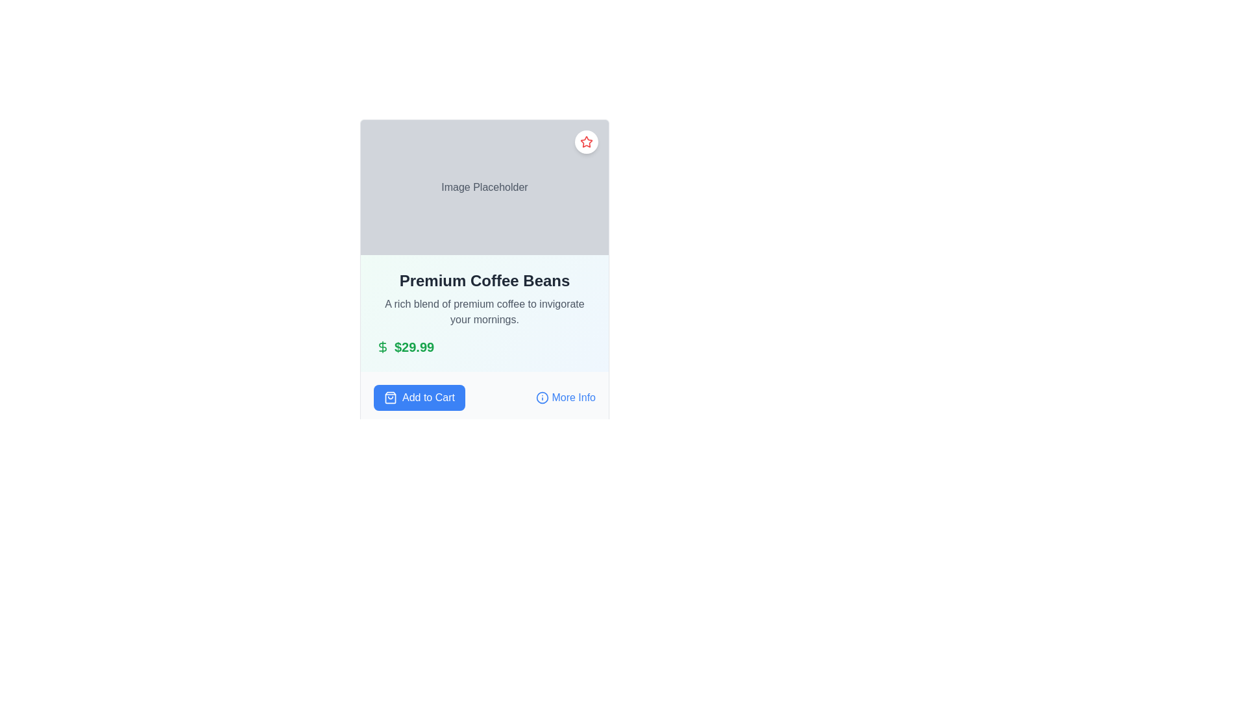 This screenshot has width=1246, height=701. I want to click on the image placeholder located at the top section of the card-shaped layout, above the 'Premium Coffee Beans' text and below the card's rounded corners, so click(484, 188).